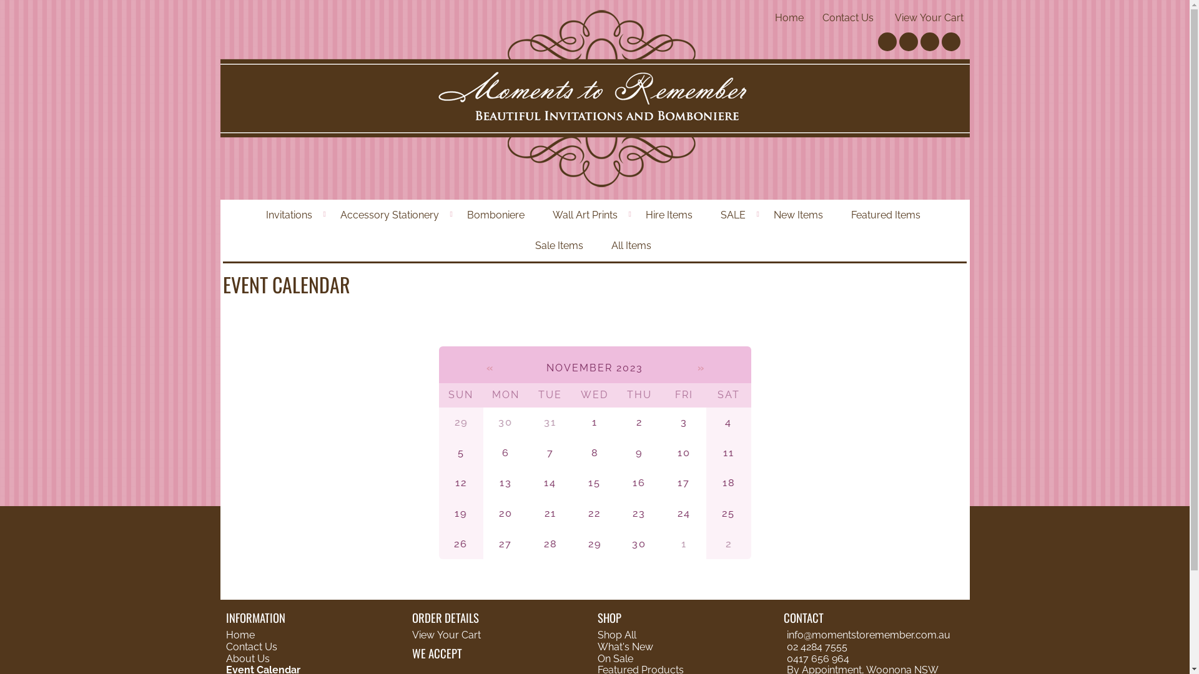 The height and width of the screenshot is (674, 1199). What do you see at coordinates (290, 215) in the screenshot?
I see `'Invitations'` at bounding box center [290, 215].